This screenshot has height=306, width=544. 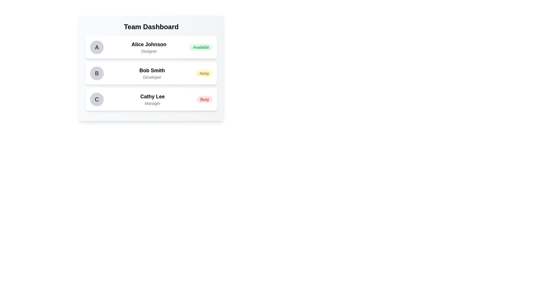 I want to click on the circular avatar placeholder representing the identifier 'A' for the associated row, which is positioned to the left of the text 'Alice Johnson Designer', so click(x=97, y=47).